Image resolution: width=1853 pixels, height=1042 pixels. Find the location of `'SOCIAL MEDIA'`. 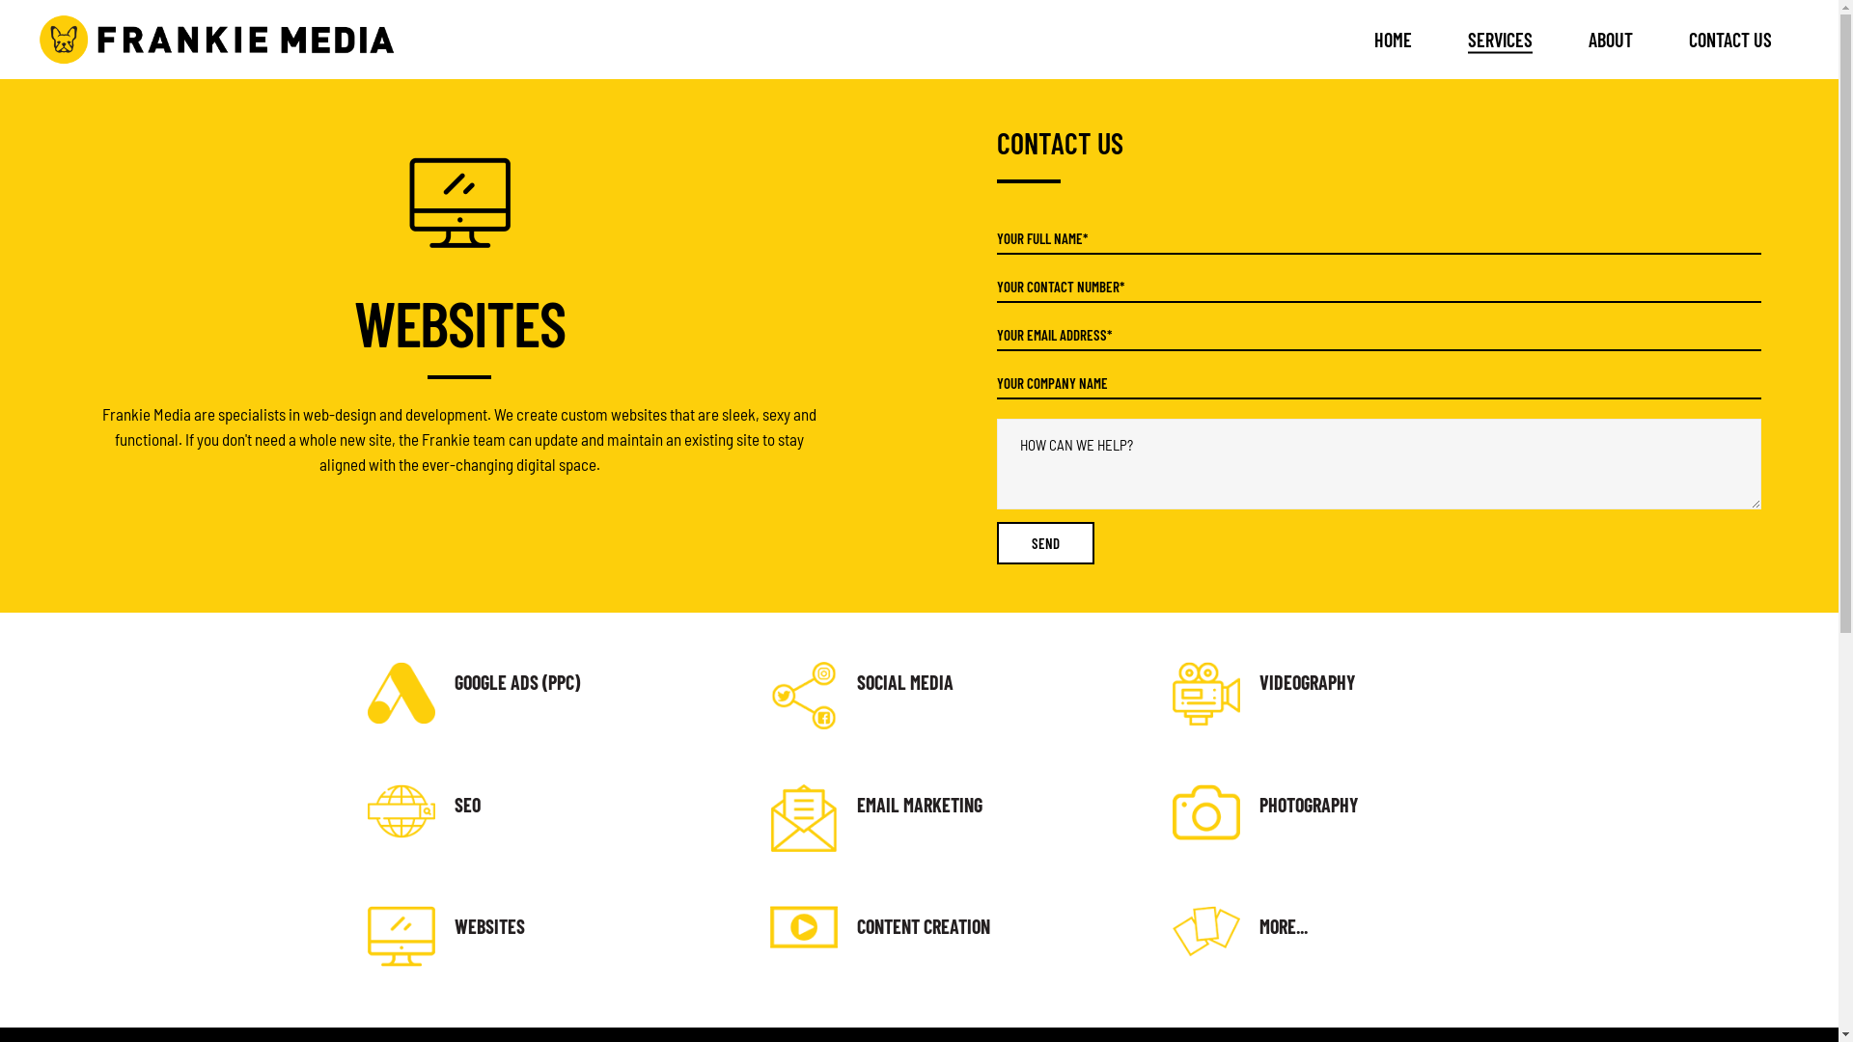

'SOCIAL MEDIA' is located at coordinates (903, 680).